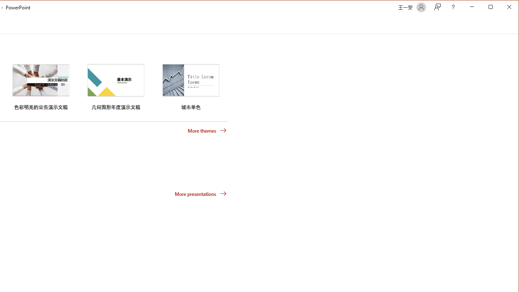  Describe the element at coordinates (200, 194) in the screenshot. I see `'More presentations'` at that location.